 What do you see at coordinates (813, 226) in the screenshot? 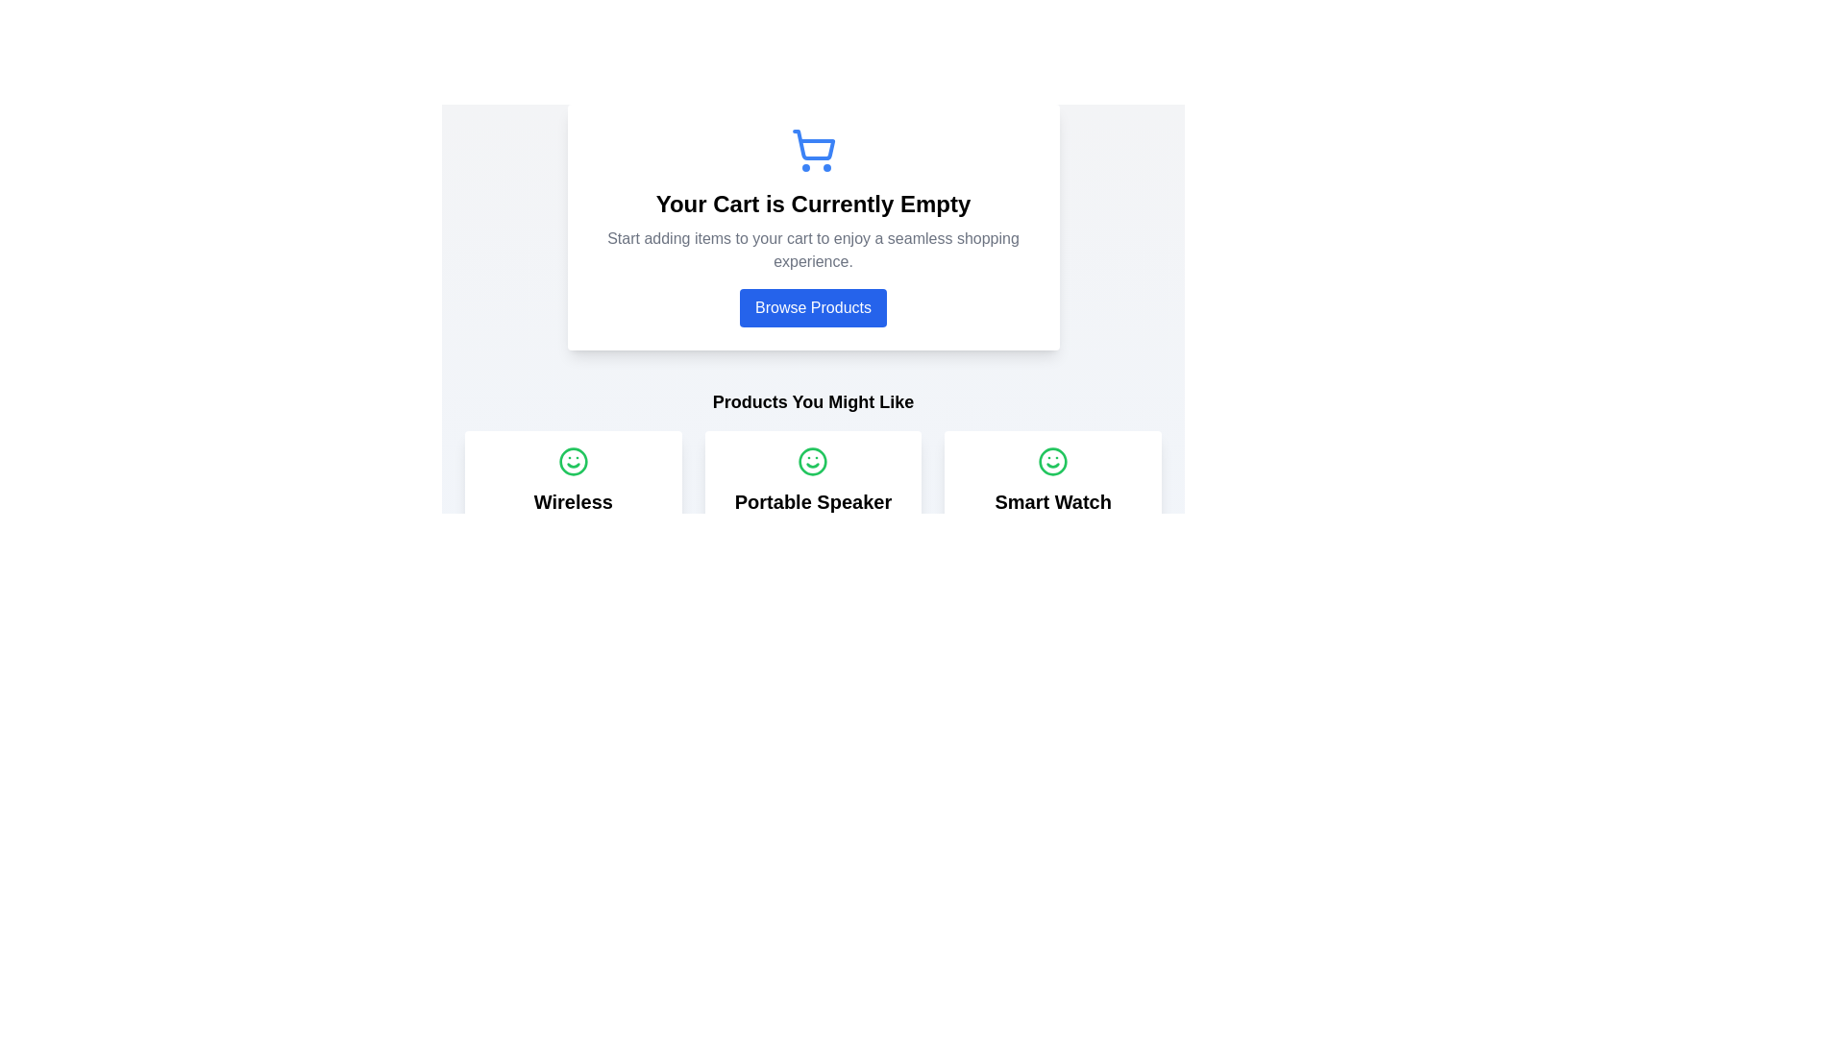
I see `the informational panel that displays 'Your Cart is Currently Empty' and includes a blue button labeled 'Browse Products'` at bounding box center [813, 226].